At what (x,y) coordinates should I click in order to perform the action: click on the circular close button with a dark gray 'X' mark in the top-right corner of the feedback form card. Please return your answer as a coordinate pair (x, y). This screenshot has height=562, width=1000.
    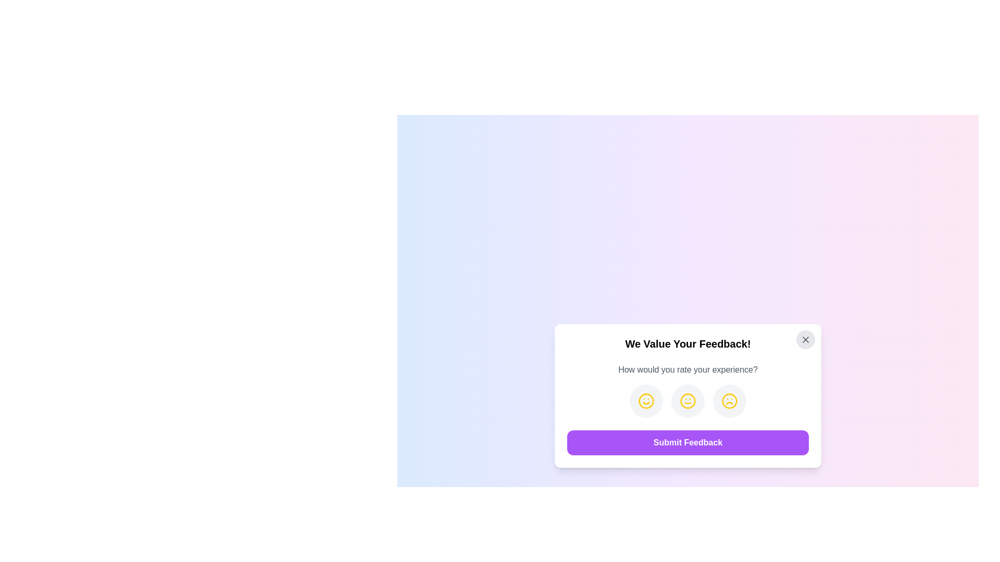
    Looking at the image, I should click on (805, 339).